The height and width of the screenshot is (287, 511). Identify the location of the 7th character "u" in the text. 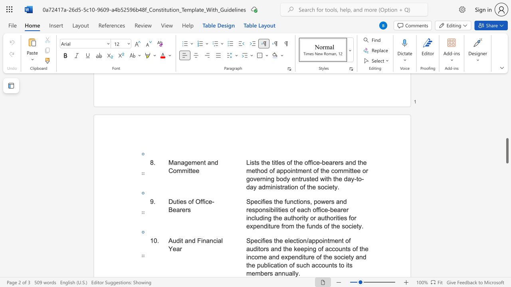
(287, 273).